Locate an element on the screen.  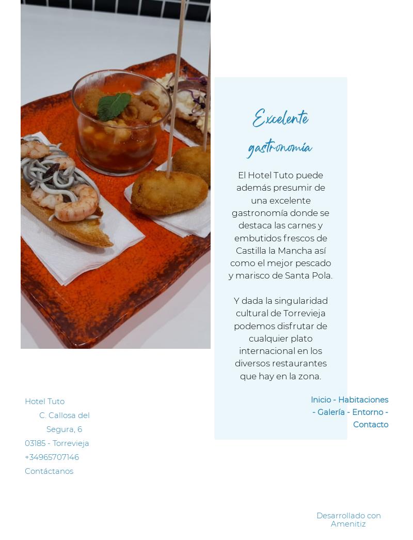
'Habitaciones' is located at coordinates (362, 399).